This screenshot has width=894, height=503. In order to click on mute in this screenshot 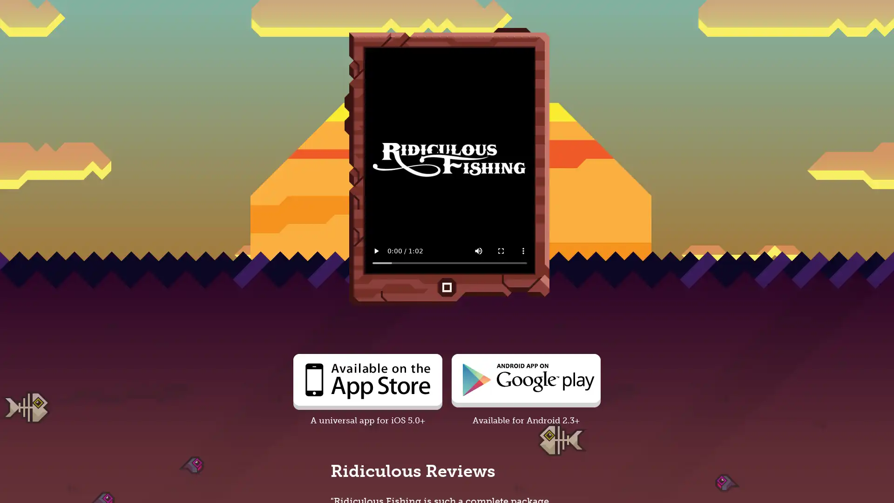, I will do `click(478, 251)`.